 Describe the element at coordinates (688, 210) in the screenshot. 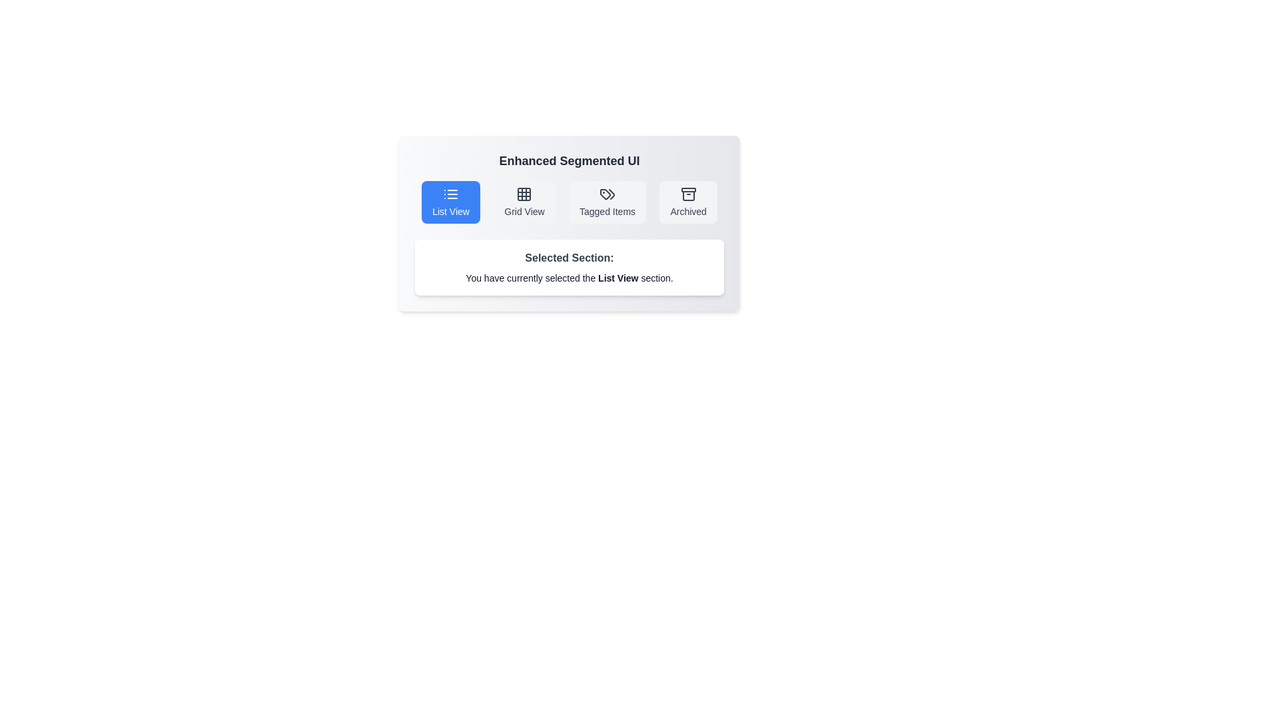

I see `the text label displaying 'Archived', which is located below the archive box icon in the control bar on the far right among four options` at that location.